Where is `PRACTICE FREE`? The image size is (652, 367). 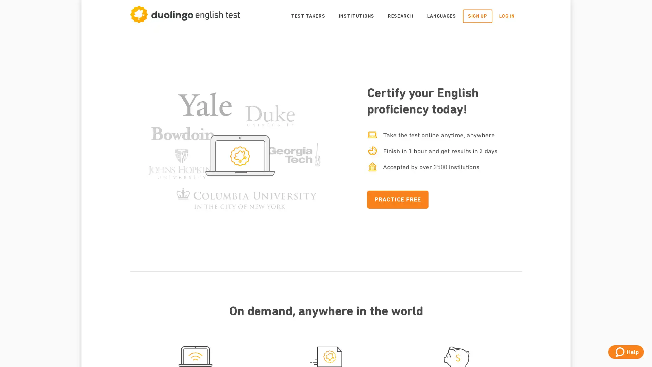 PRACTICE FREE is located at coordinates (398, 199).